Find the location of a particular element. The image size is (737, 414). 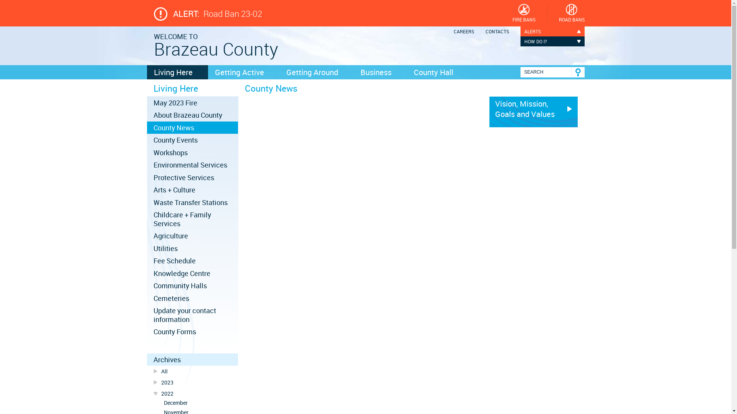

'Vision, Mission, Goals and Values' is located at coordinates (532, 112).